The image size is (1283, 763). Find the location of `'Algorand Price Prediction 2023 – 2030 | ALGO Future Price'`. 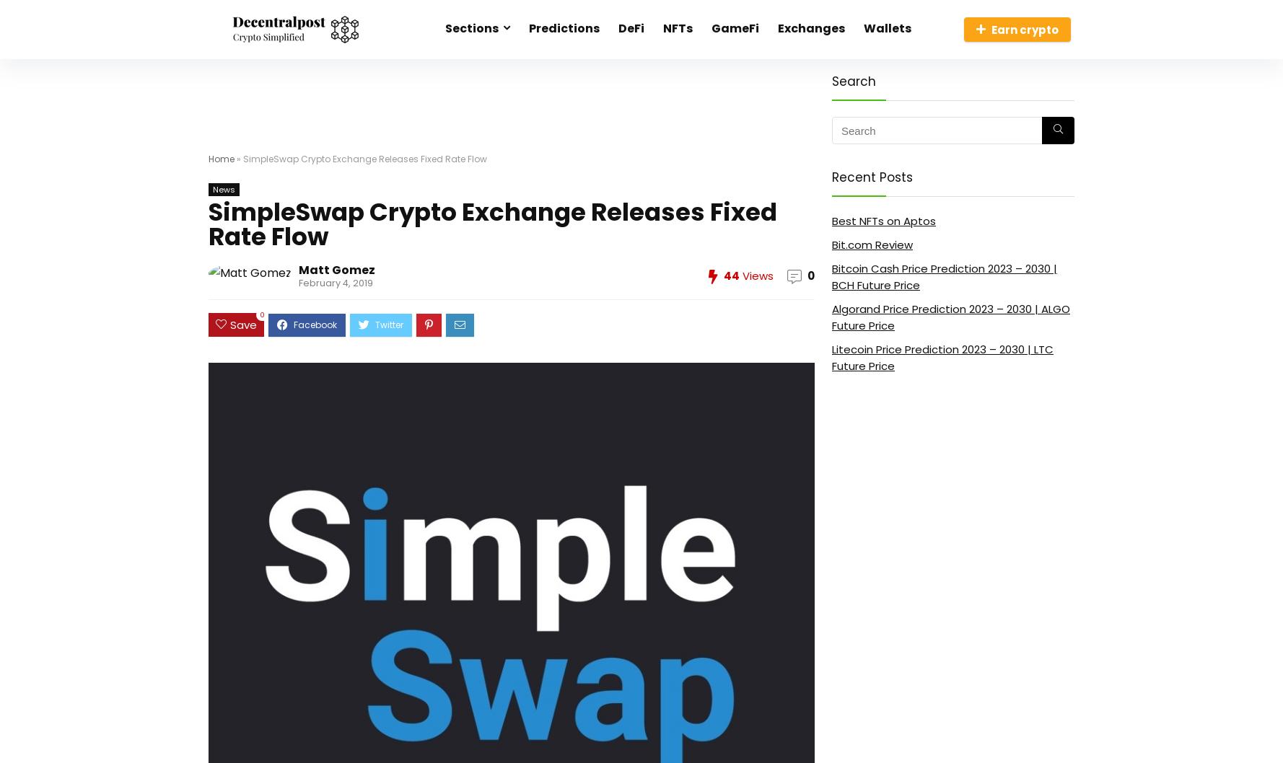

'Algorand Price Prediction 2023 – 2030 | ALGO Future Price' is located at coordinates (951, 317).